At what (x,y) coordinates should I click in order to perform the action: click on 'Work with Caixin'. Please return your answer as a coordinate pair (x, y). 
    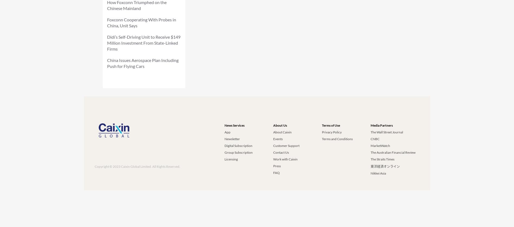
    Looking at the image, I should click on (285, 159).